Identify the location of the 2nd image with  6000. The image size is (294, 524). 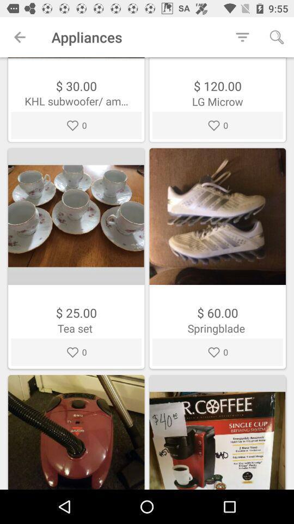
(217, 258).